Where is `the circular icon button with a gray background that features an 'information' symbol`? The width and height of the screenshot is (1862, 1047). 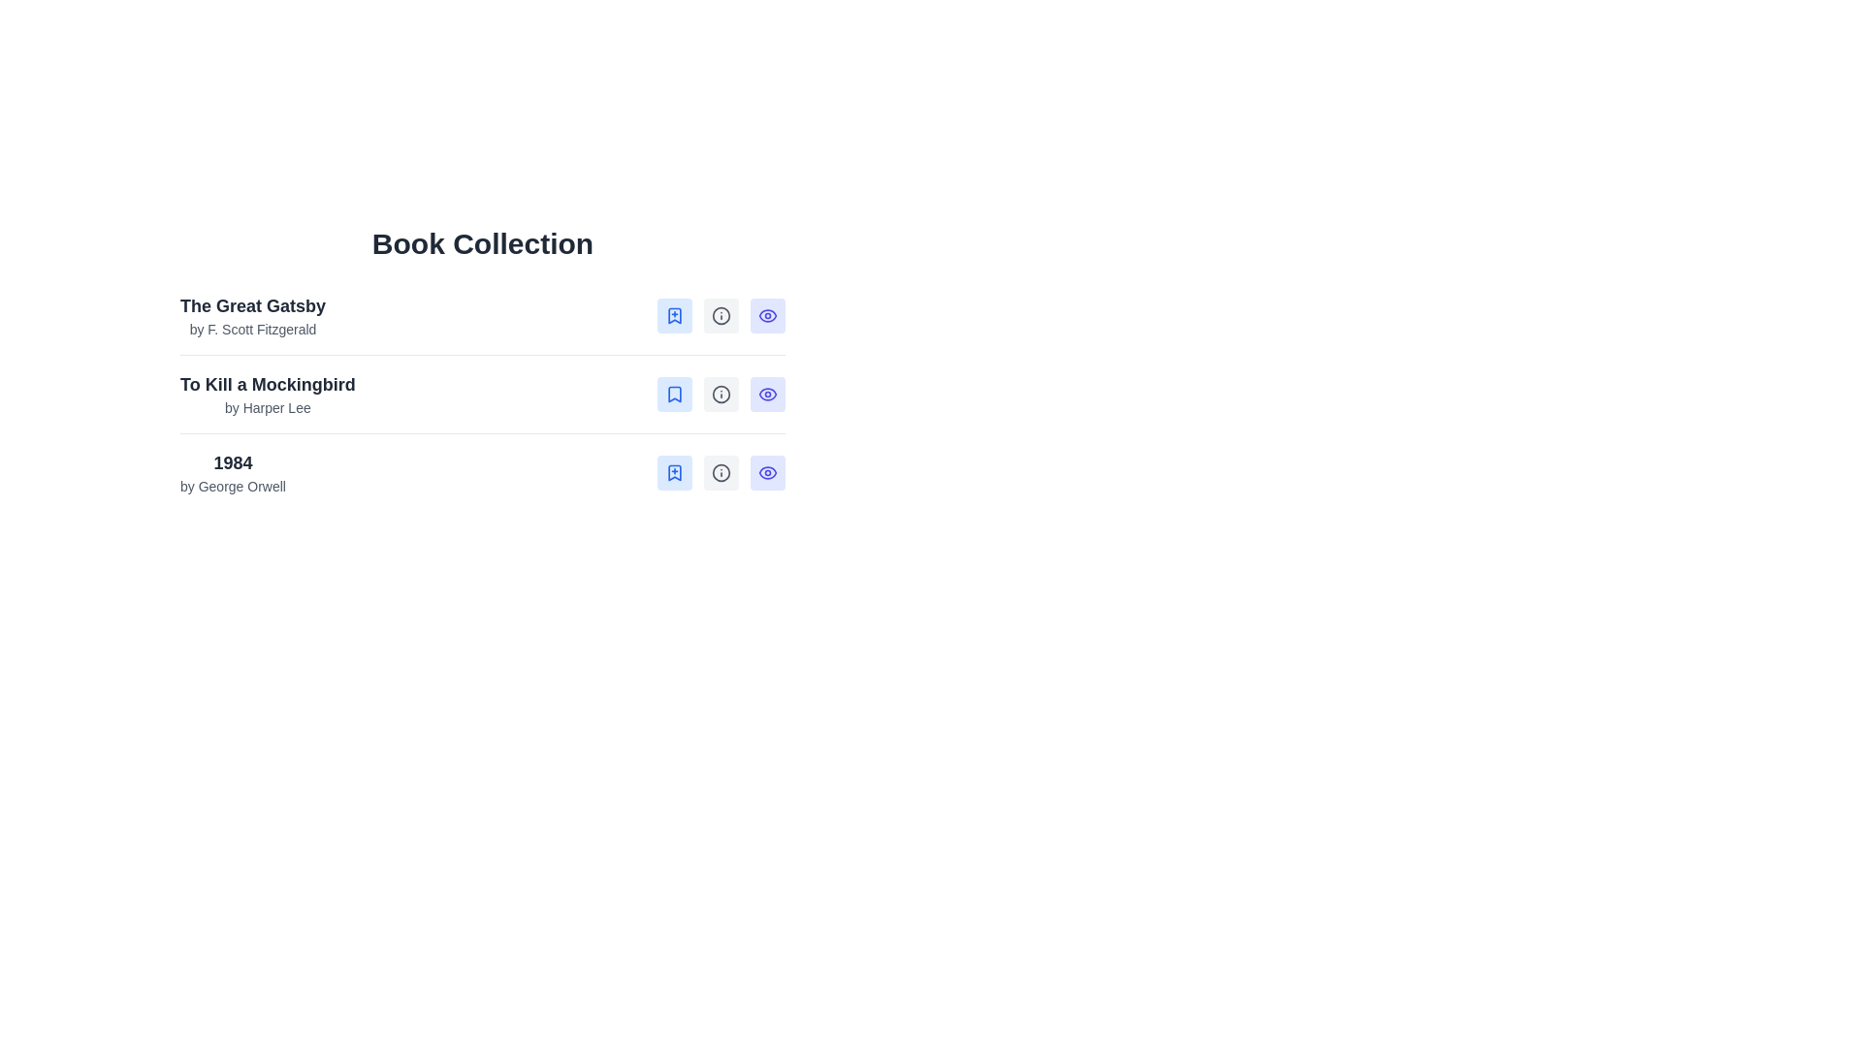 the circular icon button with a gray background that features an 'information' symbol is located at coordinates (721, 394).